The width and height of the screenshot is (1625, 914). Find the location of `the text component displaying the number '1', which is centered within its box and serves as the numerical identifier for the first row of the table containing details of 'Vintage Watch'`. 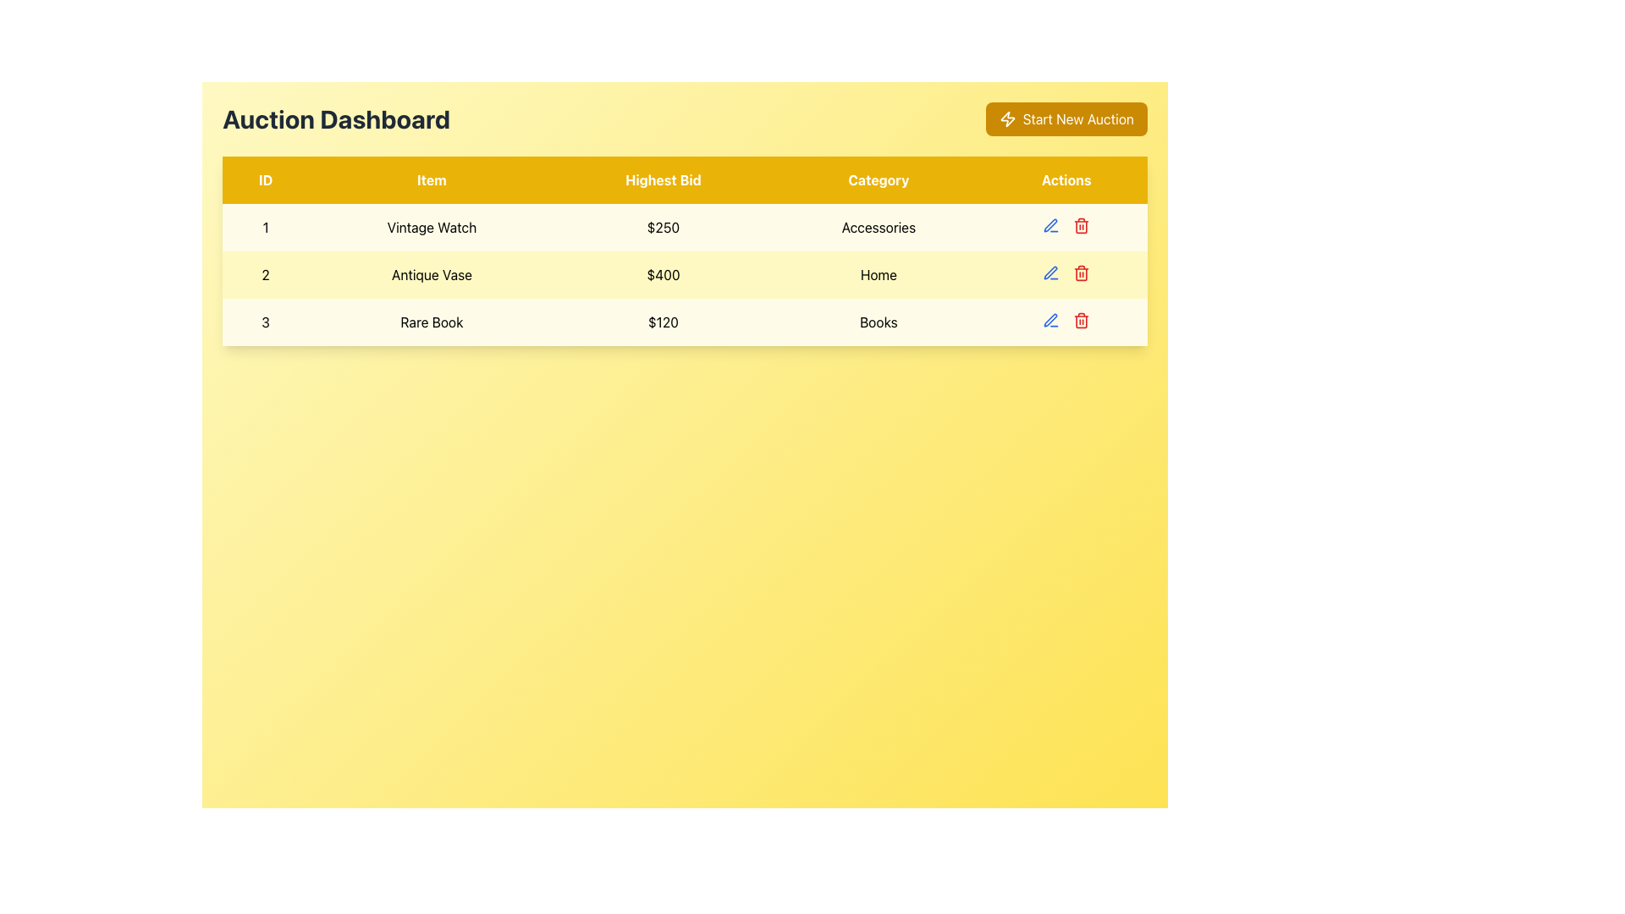

the text component displaying the number '1', which is centered within its box and serves as the numerical identifier for the first row of the table containing details of 'Vintage Watch' is located at coordinates (265, 227).